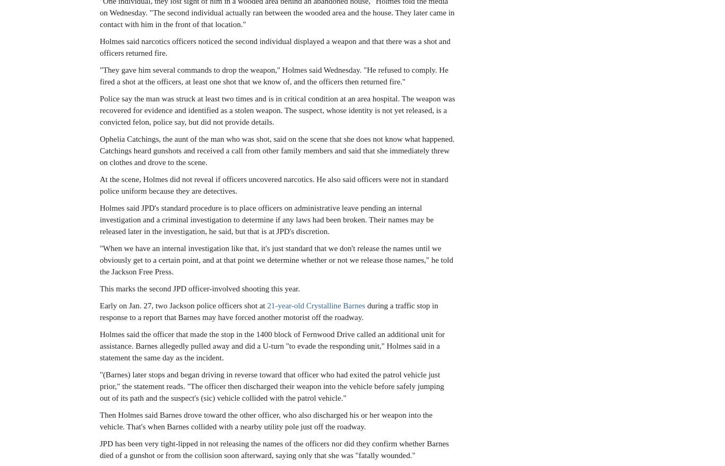 This screenshot has height=466, width=725. What do you see at coordinates (99, 345) in the screenshot?
I see `'Holmes said the officer that made the stop in the 1400 block of Fernwood Drive called an additional unit for assistance. Barnes allegedly pulled away and did a U-turn "to evade the responding unit," Holmes said in a statement the same day as the incident.'` at bounding box center [99, 345].